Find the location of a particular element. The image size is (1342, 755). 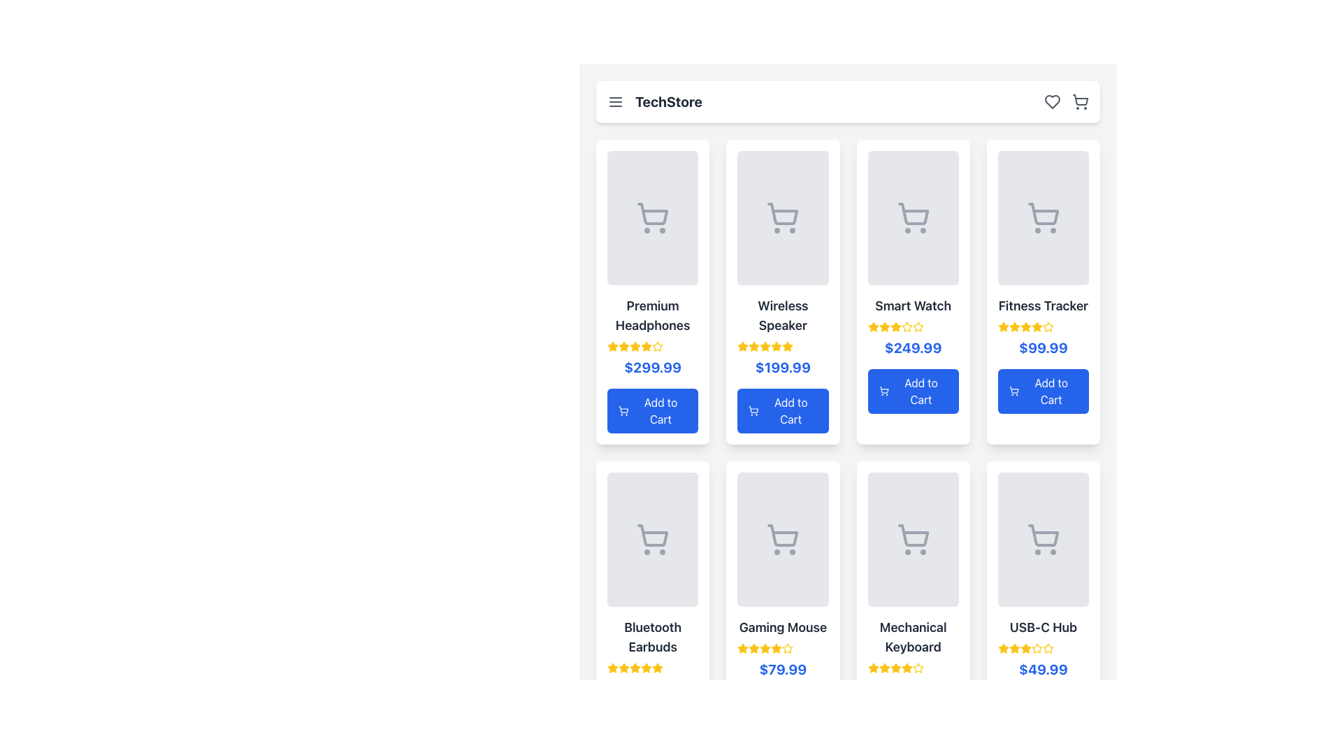

the fourth rating star icon for the 'USB-C Hub' product, which visually indicates the rating level, located in the second row of the products grid is located at coordinates (1025, 649).